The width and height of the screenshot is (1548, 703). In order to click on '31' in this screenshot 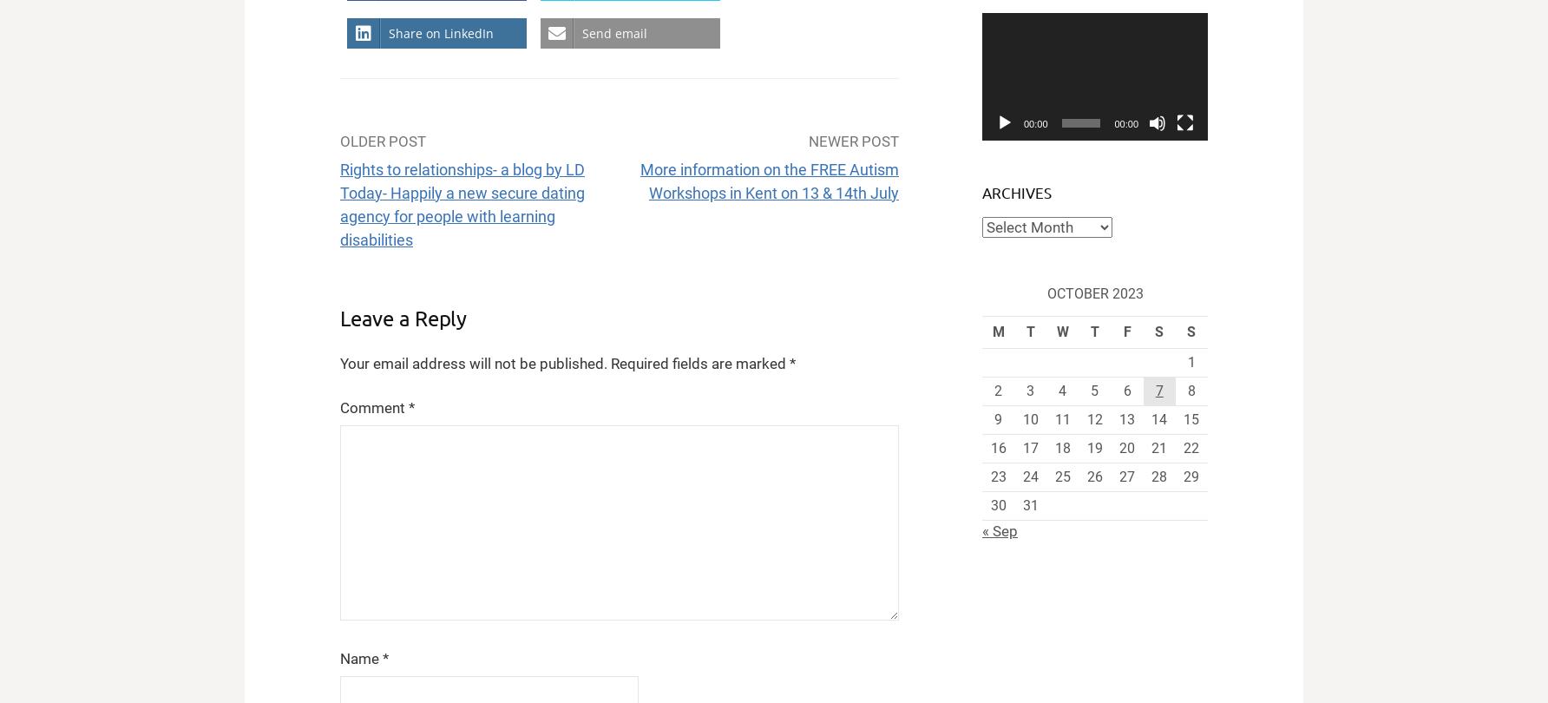, I will do `click(1030, 505)`.